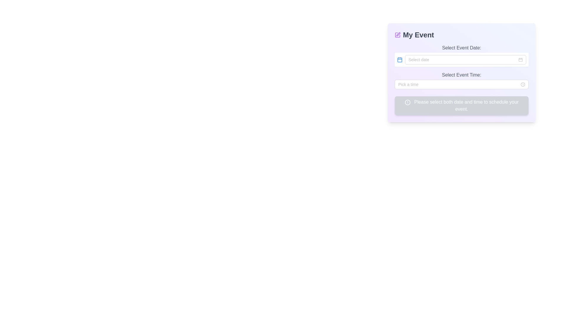 The height and width of the screenshot is (318, 566). Describe the element at coordinates (521, 60) in the screenshot. I see `the Calendar icon located to the right of the 'Select Event Date' text input box in the 'My Event' form` at that location.